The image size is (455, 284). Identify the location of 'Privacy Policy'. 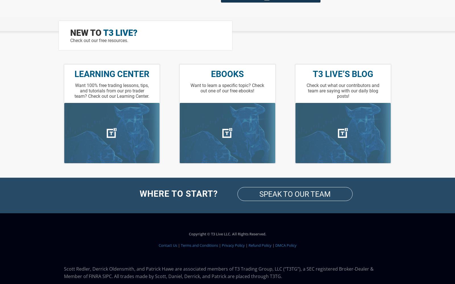
(233, 245).